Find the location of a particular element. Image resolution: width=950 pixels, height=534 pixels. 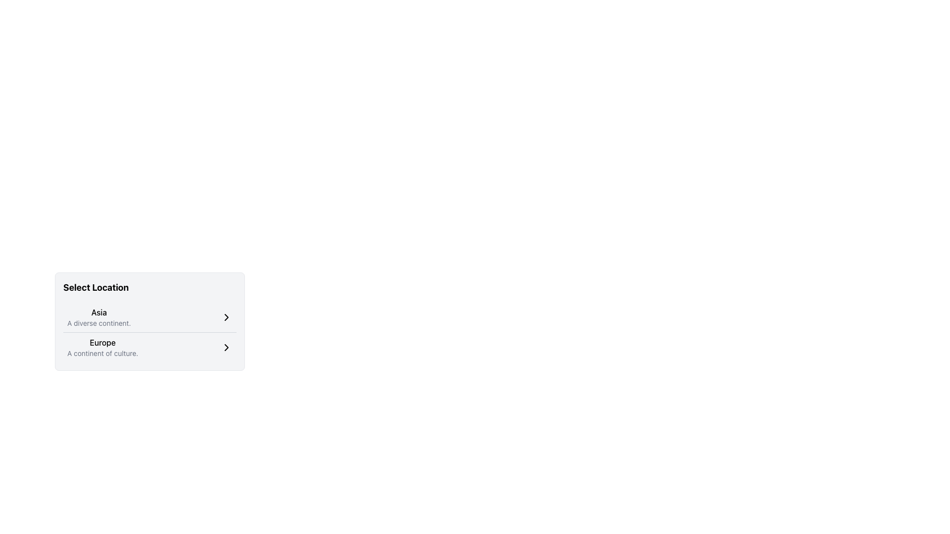

the list item titled 'Europe' which has a description 'A continent of culture.' and an arrow pointing right is located at coordinates (149, 347).